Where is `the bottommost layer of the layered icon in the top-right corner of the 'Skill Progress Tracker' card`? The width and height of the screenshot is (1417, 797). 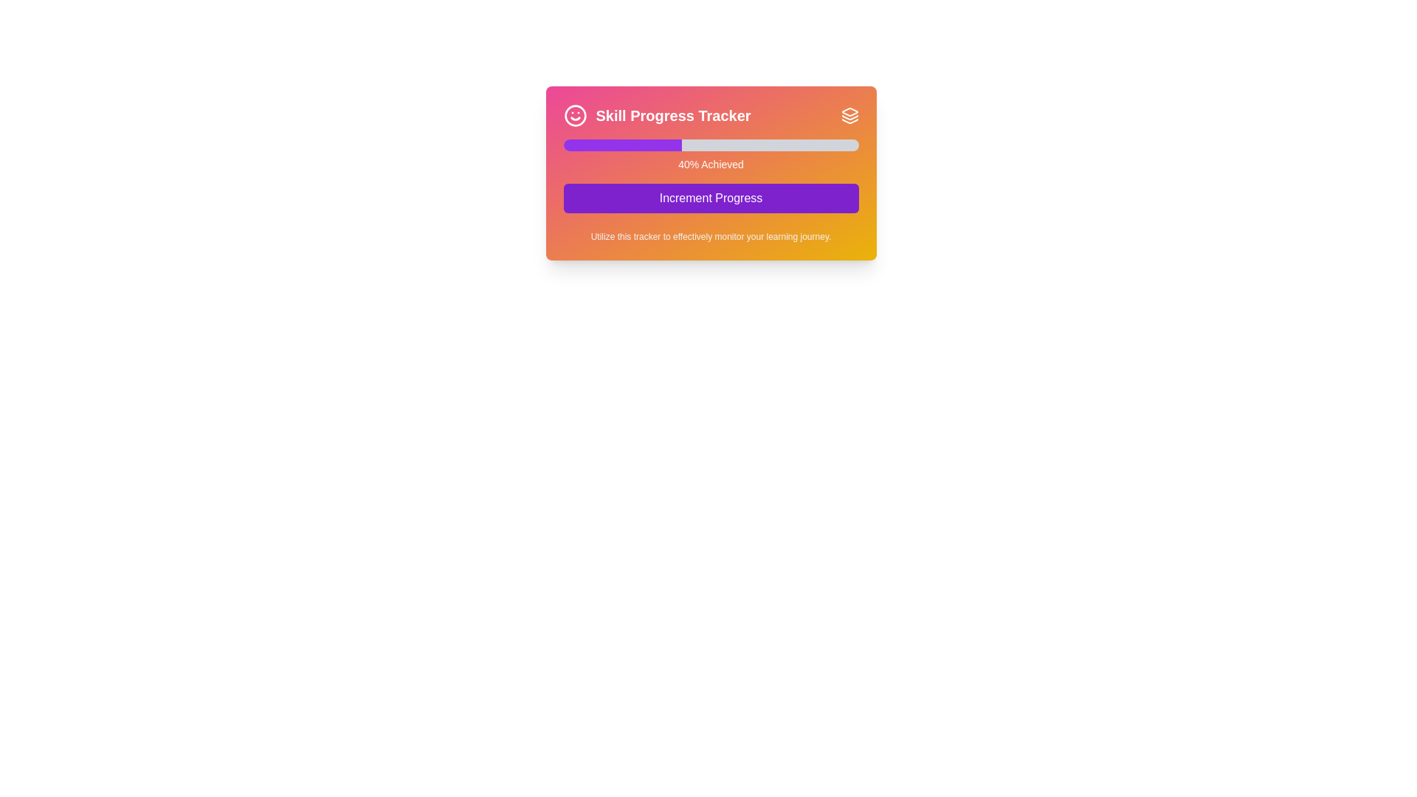
the bottommost layer of the layered icon in the top-right corner of the 'Skill Progress Tracker' card is located at coordinates (849, 120).